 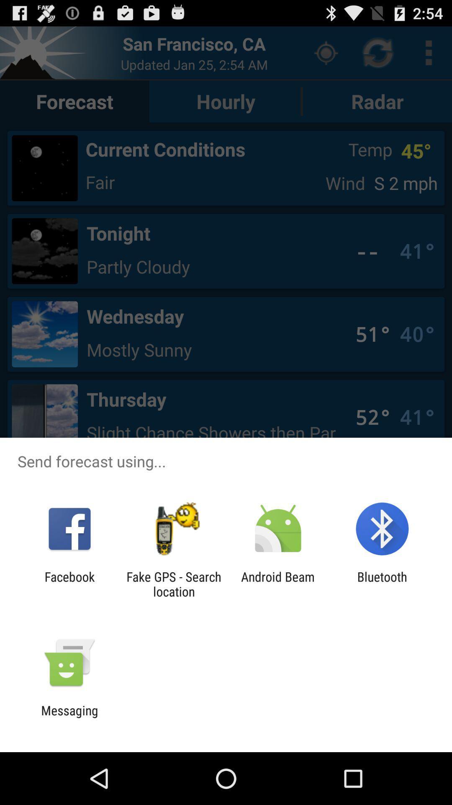 I want to click on the icon to the right of fake gps search icon, so click(x=278, y=584).